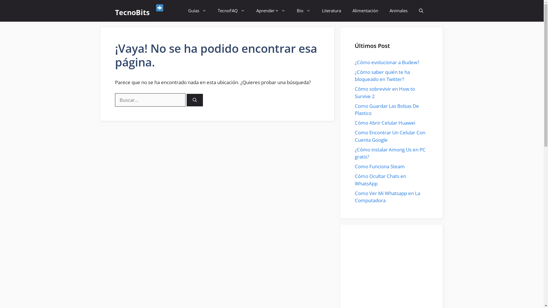 The width and height of the screenshot is (548, 308). I want to click on 'Como Funciona Steam', so click(354, 166).